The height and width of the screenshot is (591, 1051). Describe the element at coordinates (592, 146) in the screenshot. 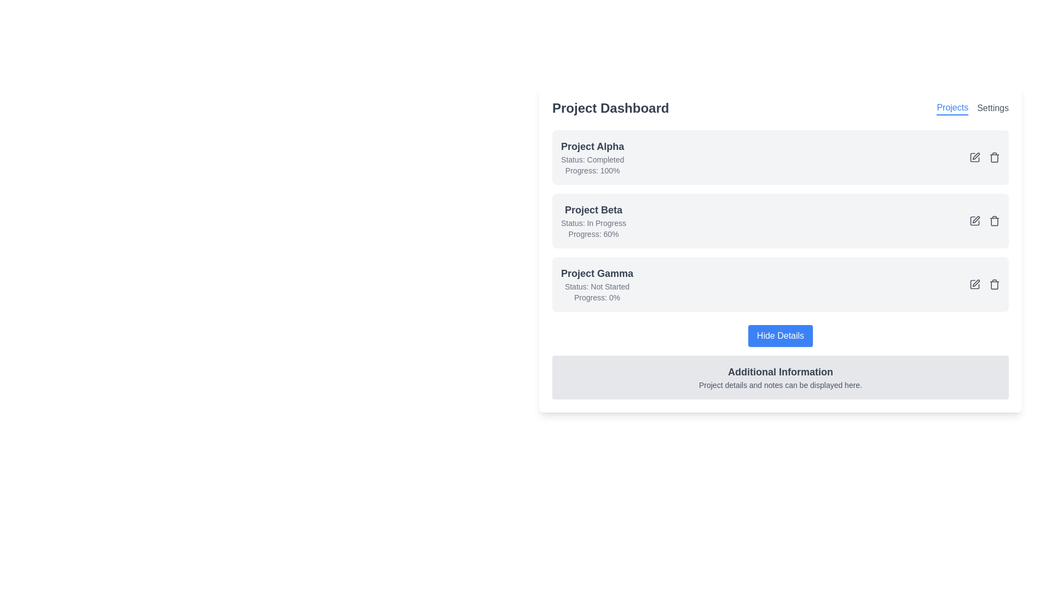

I see `the Text Label displaying 'Project Alpha', which serves as the title of the section and is styled in bold dark gray font` at that location.